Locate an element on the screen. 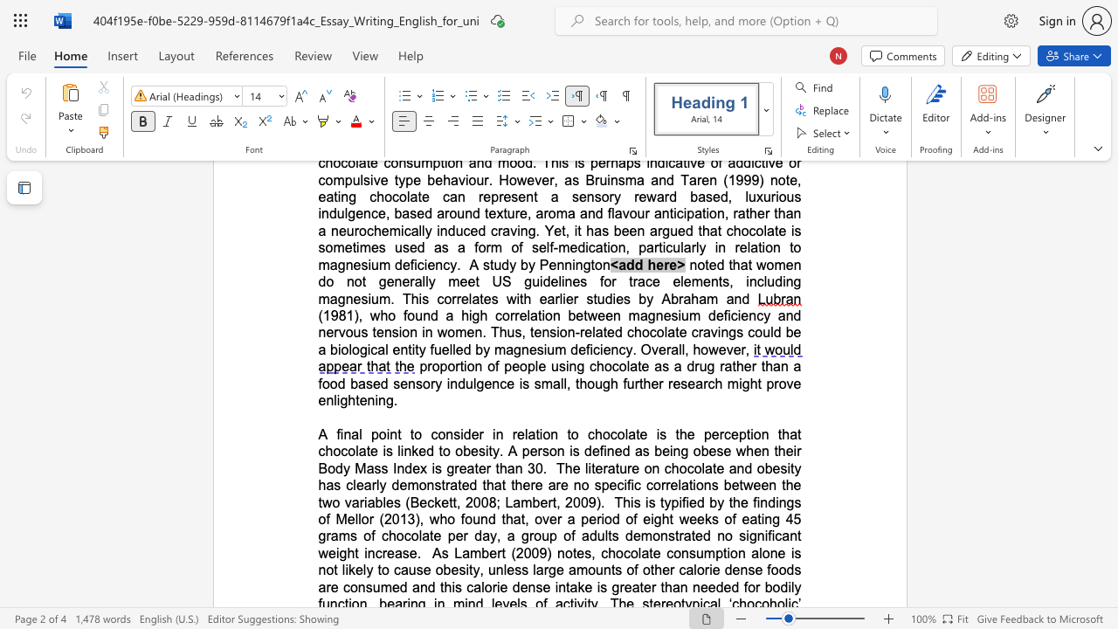 The height and width of the screenshot is (629, 1118). the subset text "strate" within the text "demonstrated" is located at coordinates (434, 485).